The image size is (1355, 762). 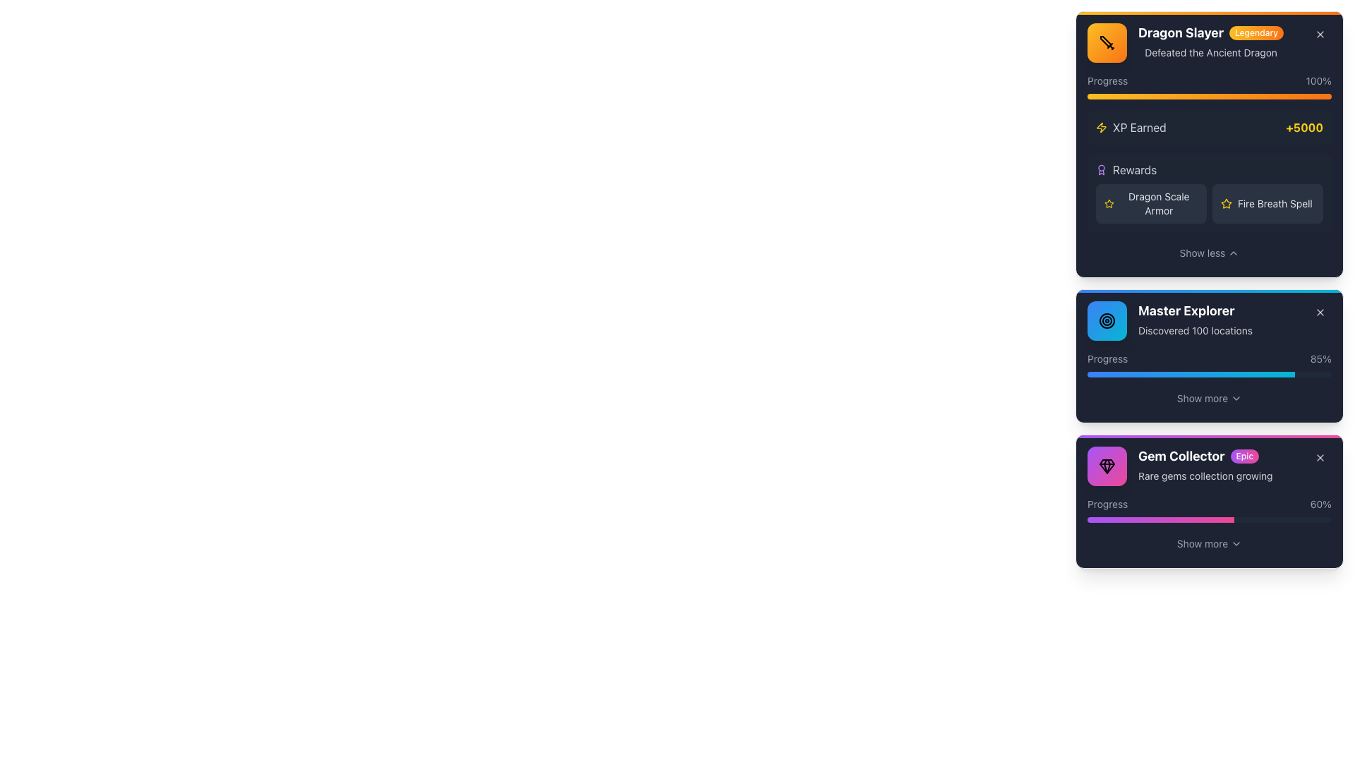 What do you see at coordinates (1320, 312) in the screenshot?
I see `the button located in the top-right corner of the 'Master Explorer' section` at bounding box center [1320, 312].